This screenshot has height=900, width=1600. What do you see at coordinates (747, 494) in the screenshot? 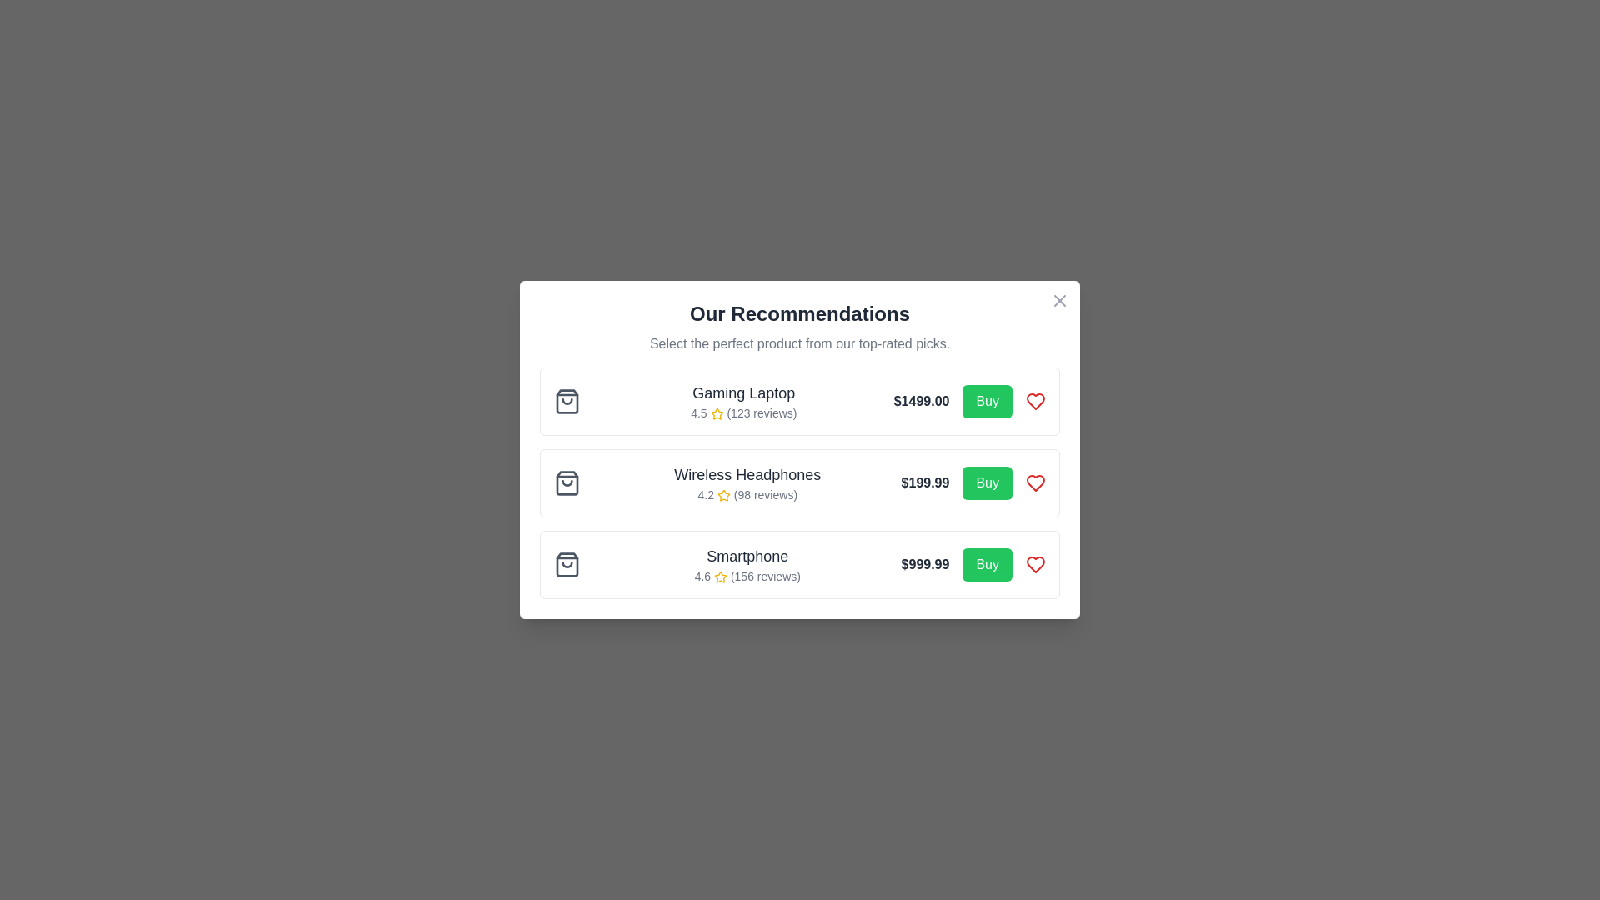
I see `the star icon or the text '4.2 (98 reviews)' for more details on reviews, which is located under the product titled 'Wireless Headphones' in the second recommendation section` at bounding box center [747, 494].